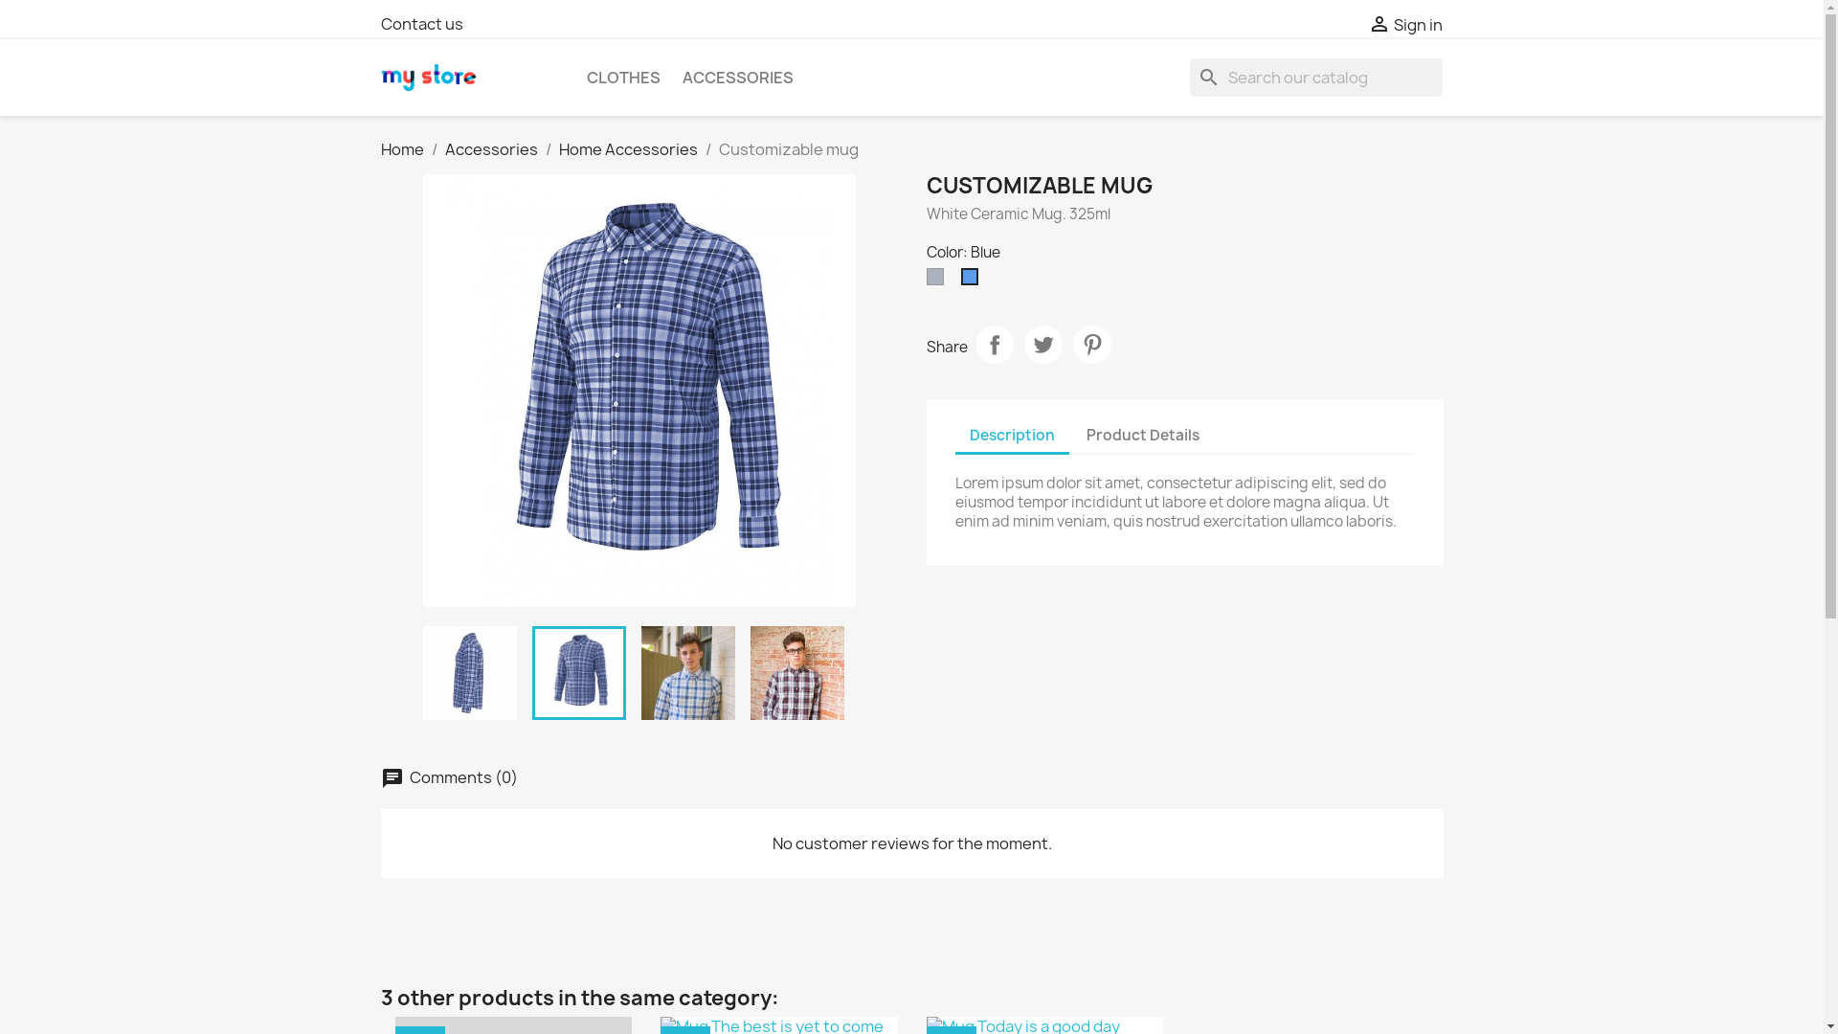 This screenshot has width=1838, height=1034. I want to click on 'Accessories', so click(490, 147).